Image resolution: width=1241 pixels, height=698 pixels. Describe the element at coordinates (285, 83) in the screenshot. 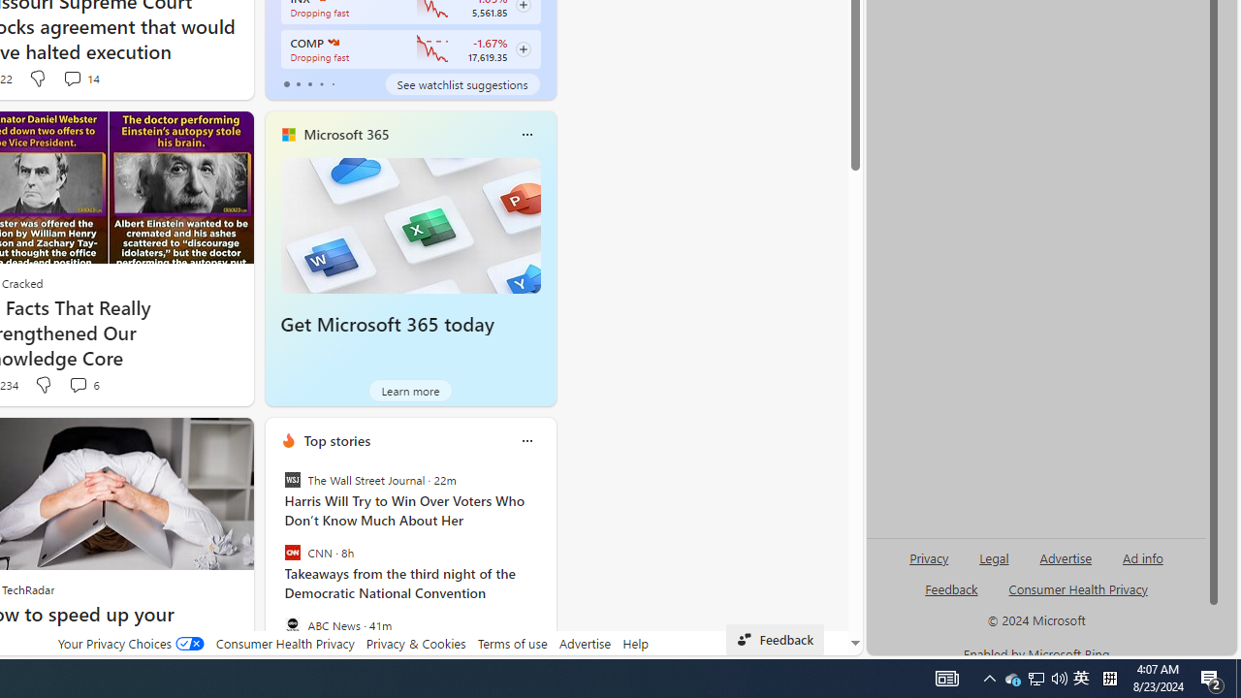

I see `'tab-0'` at that location.